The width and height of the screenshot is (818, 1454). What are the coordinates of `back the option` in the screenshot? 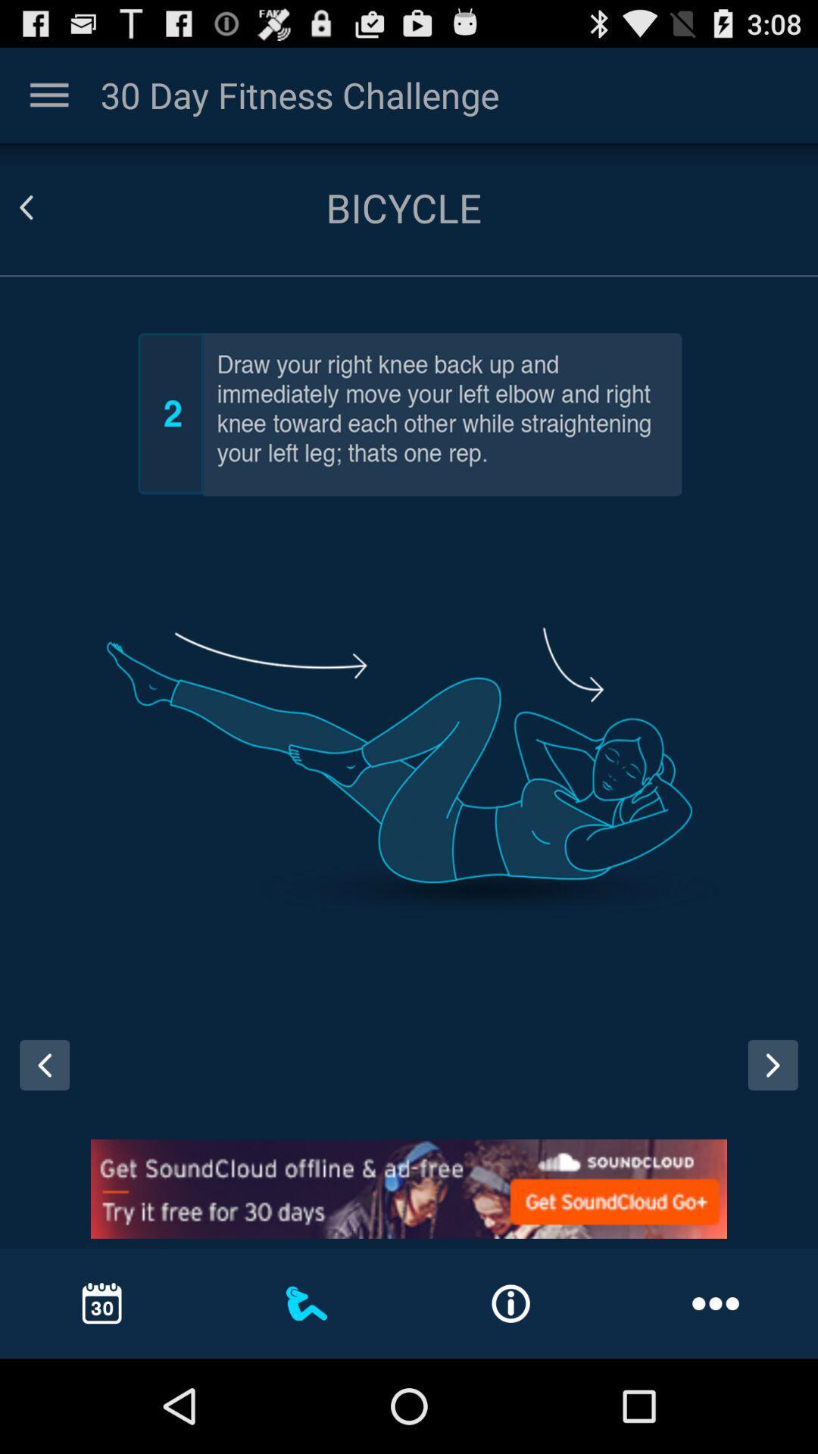 It's located at (773, 1064).